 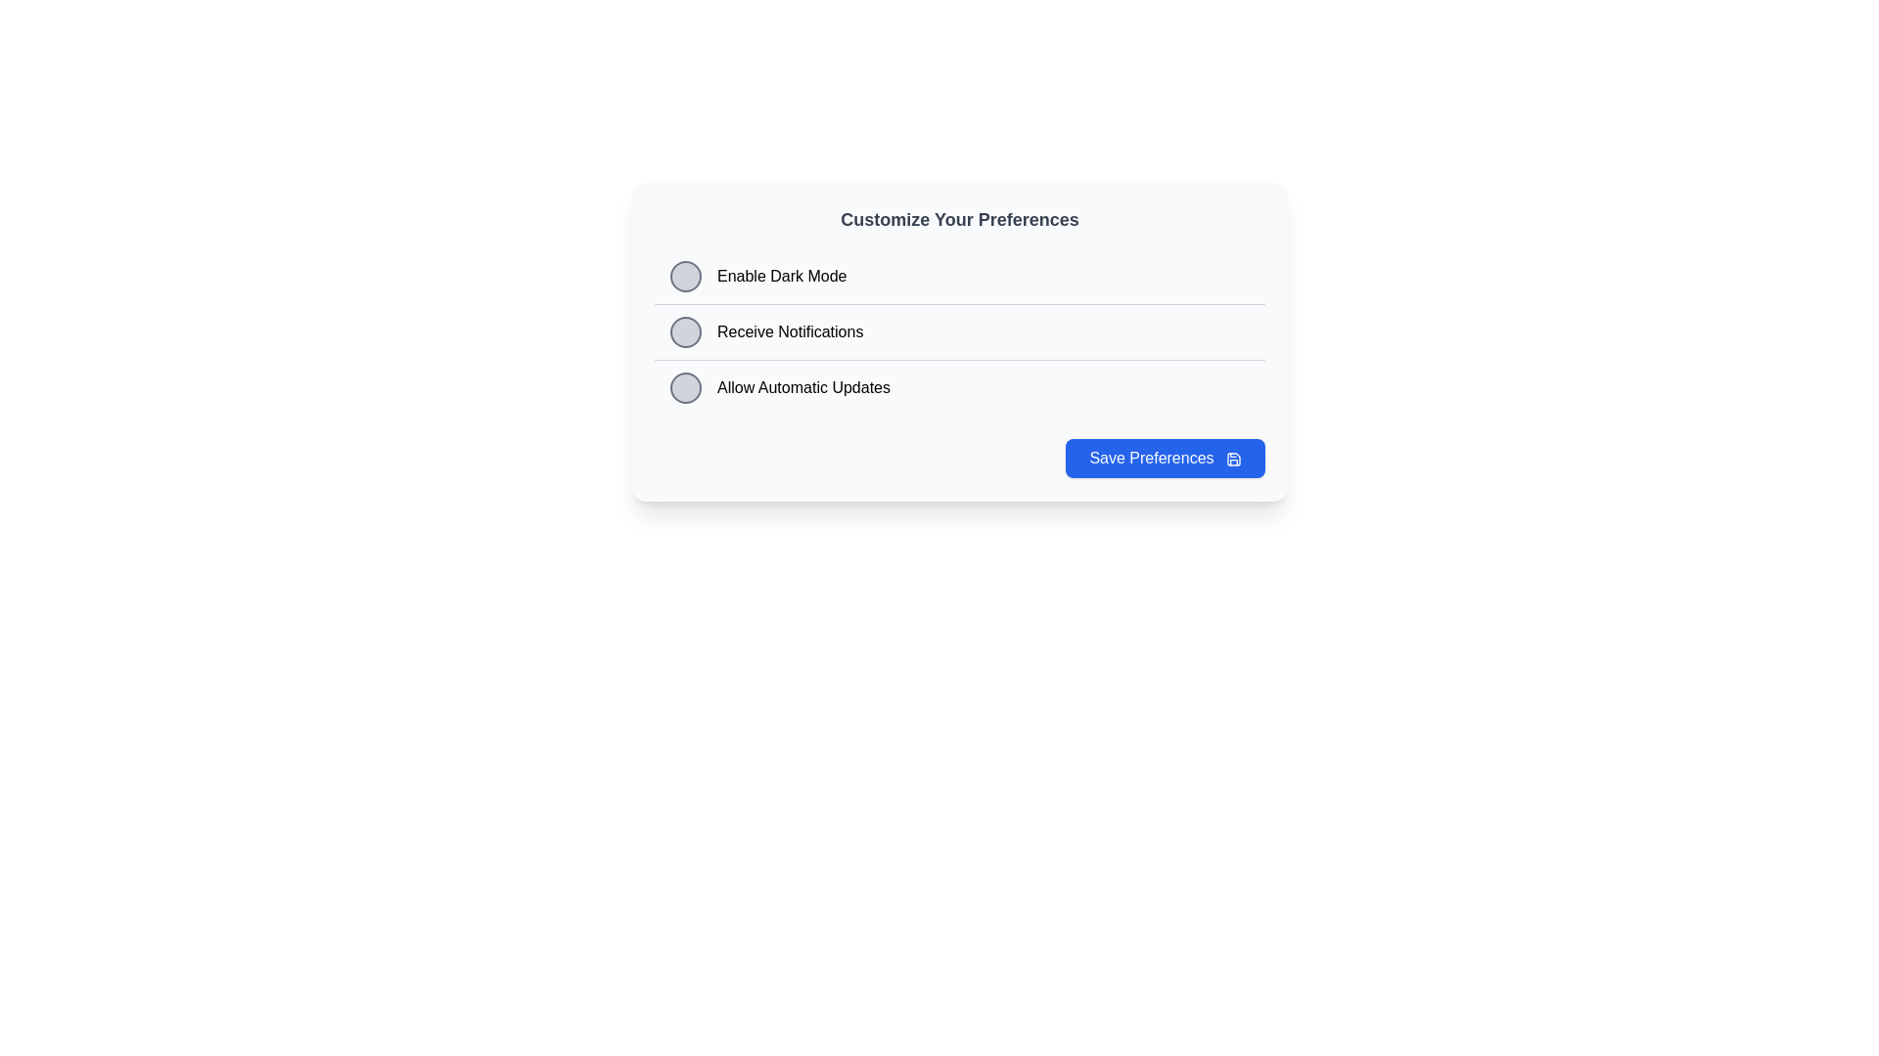 I want to click on the descriptive label for enabling or disabling notifications, which is the second entry in the vertical list of options in the preferences customization panel, so click(x=765, y=330).